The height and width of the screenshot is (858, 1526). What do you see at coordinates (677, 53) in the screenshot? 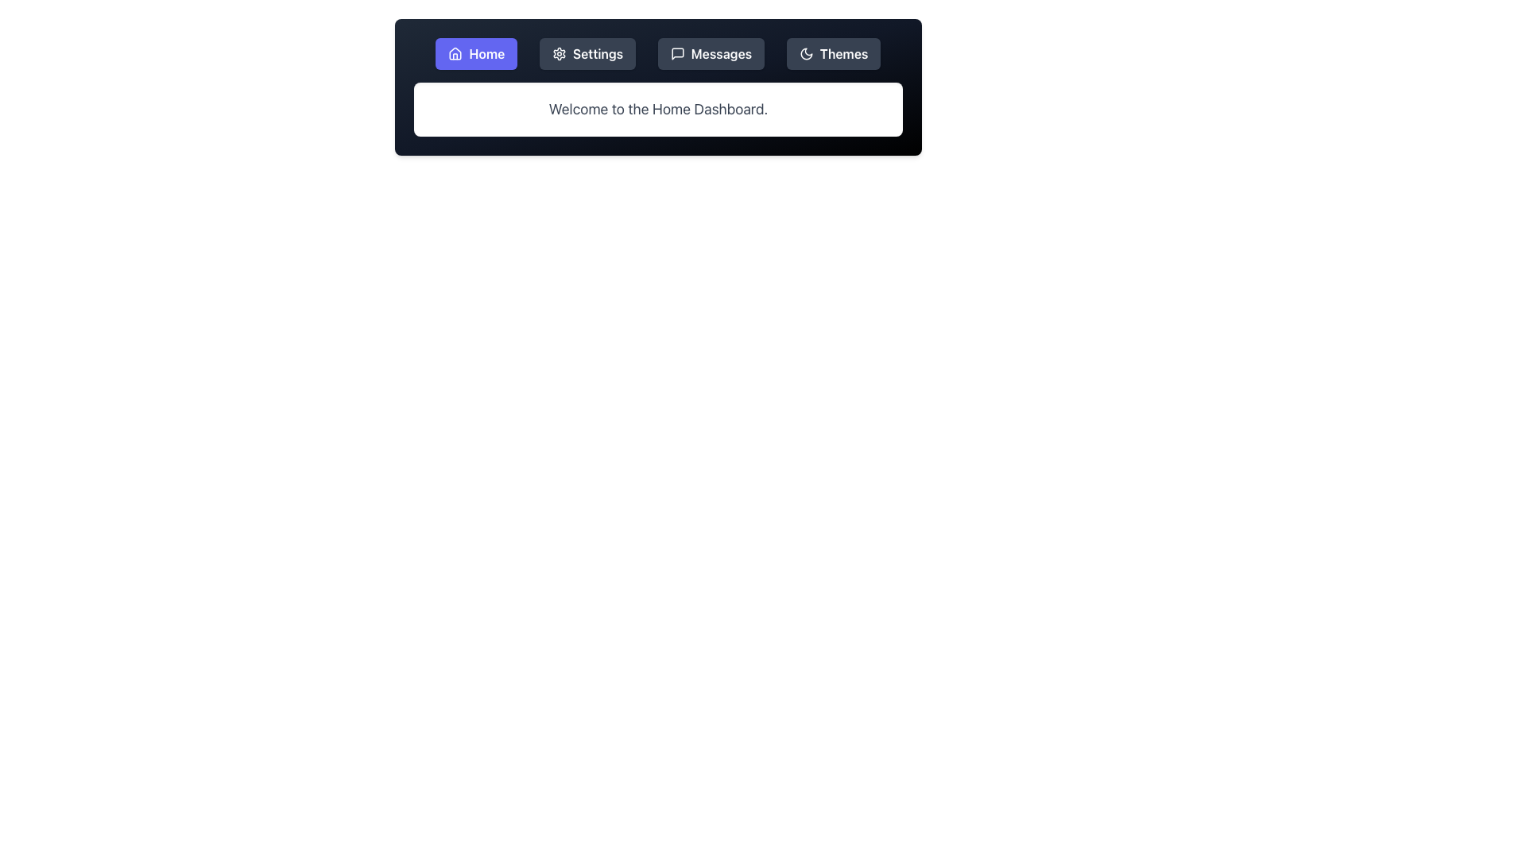
I see `the messaging icon located in the navigation bar, positioned between the 'Settings' icon and the 'Themes' icon` at bounding box center [677, 53].